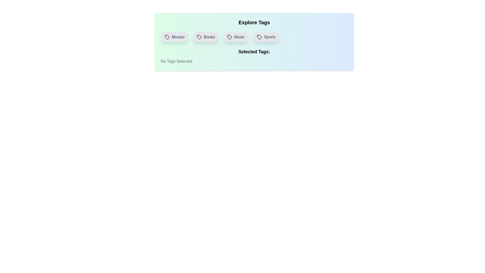  I want to click on the small dark tag icon located to the left of the 'Movies' label within the rounded button, so click(167, 37).